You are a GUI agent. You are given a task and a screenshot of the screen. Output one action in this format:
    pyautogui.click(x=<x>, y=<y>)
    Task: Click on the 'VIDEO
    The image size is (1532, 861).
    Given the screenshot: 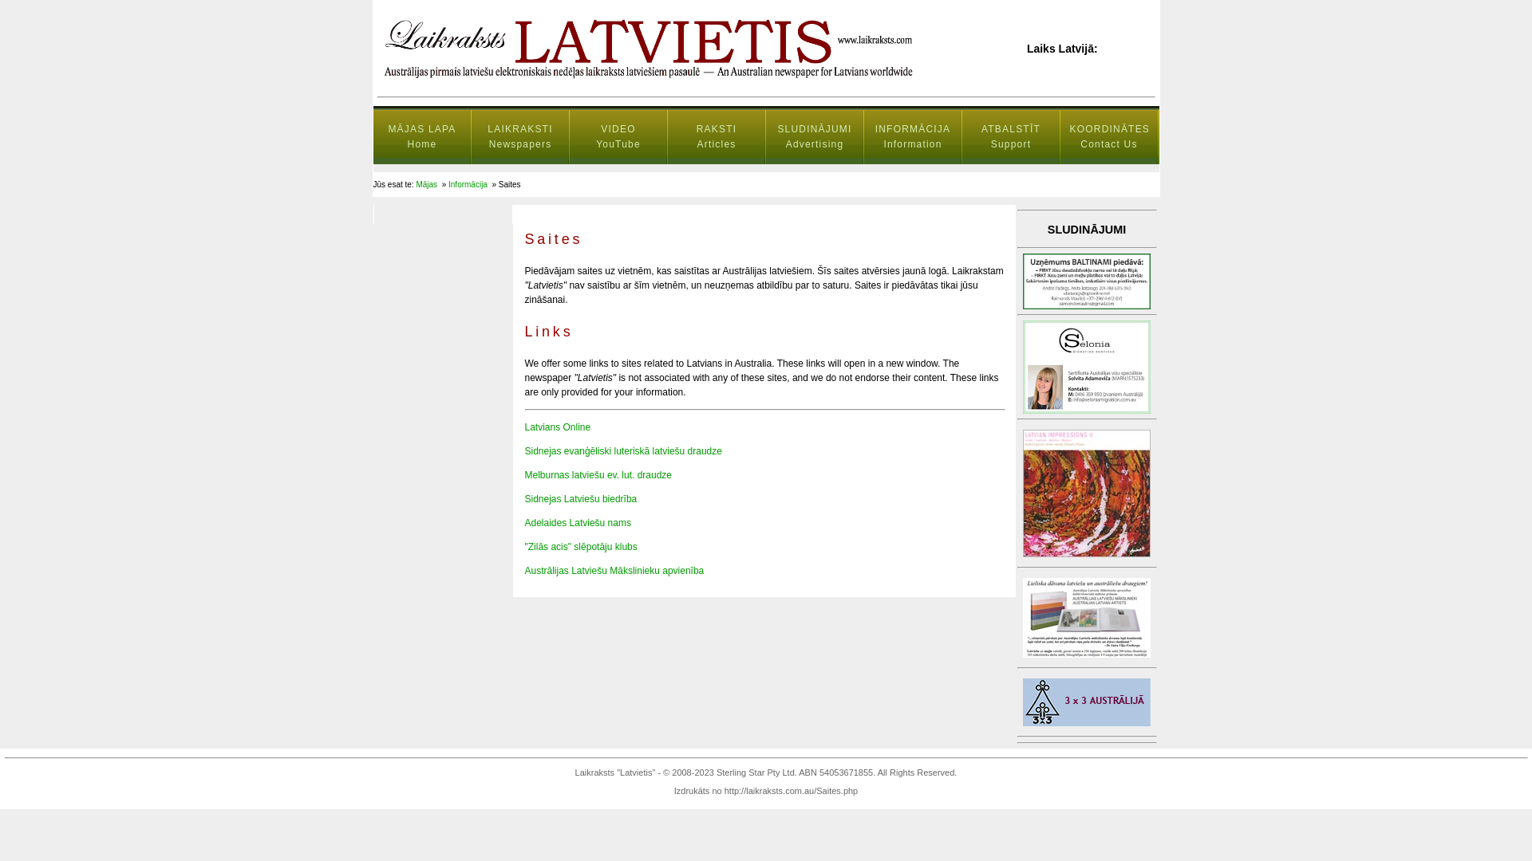 What is the action you would take?
    pyautogui.click(x=618, y=136)
    